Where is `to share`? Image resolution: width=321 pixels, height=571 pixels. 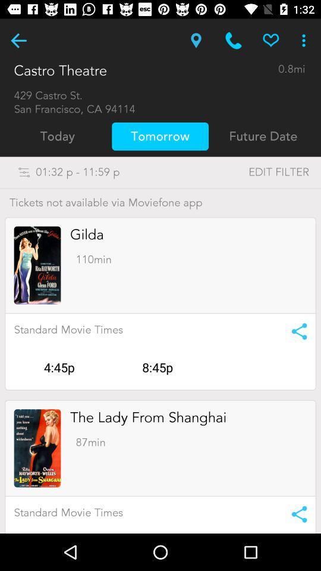
to share is located at coordinates (295, 331).